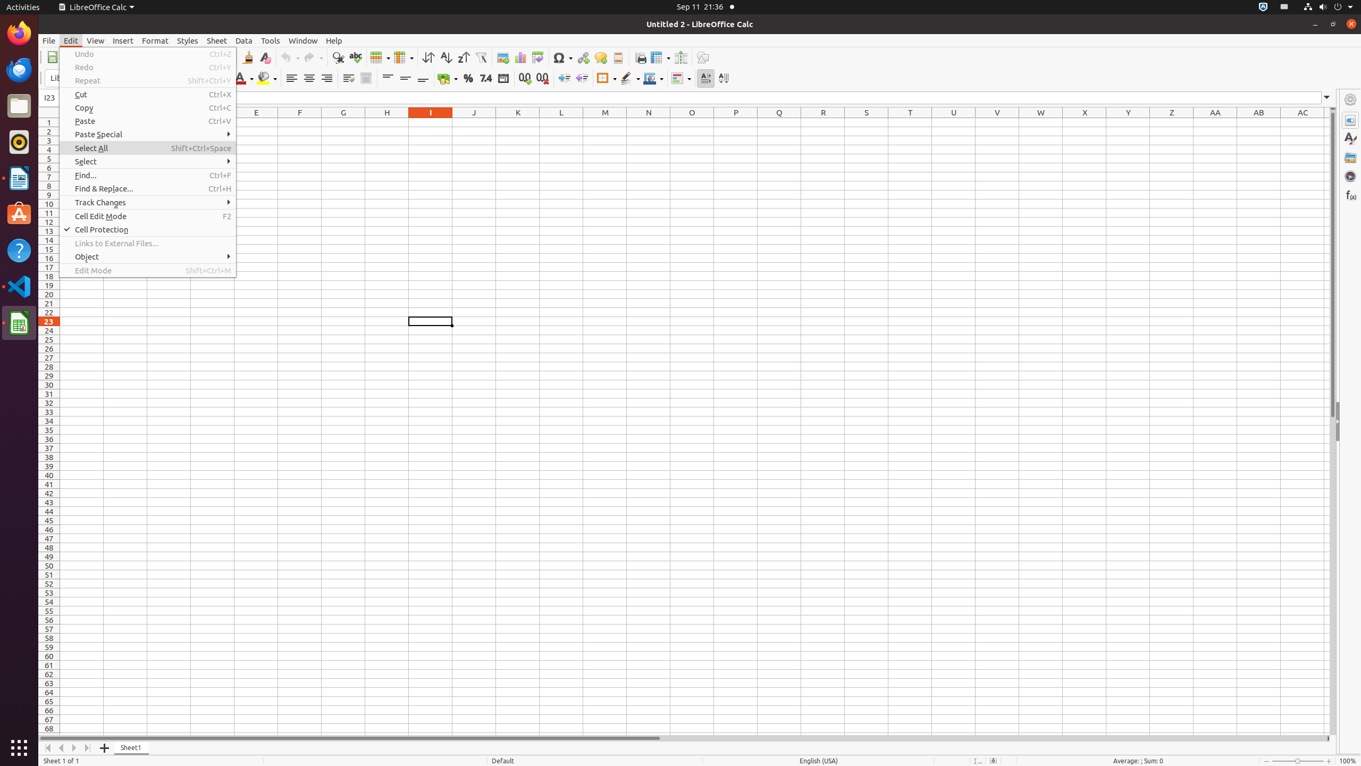 The image size is (1361, 766). I want to click on 'Freeze Rows and Columns', so click(660, 57).